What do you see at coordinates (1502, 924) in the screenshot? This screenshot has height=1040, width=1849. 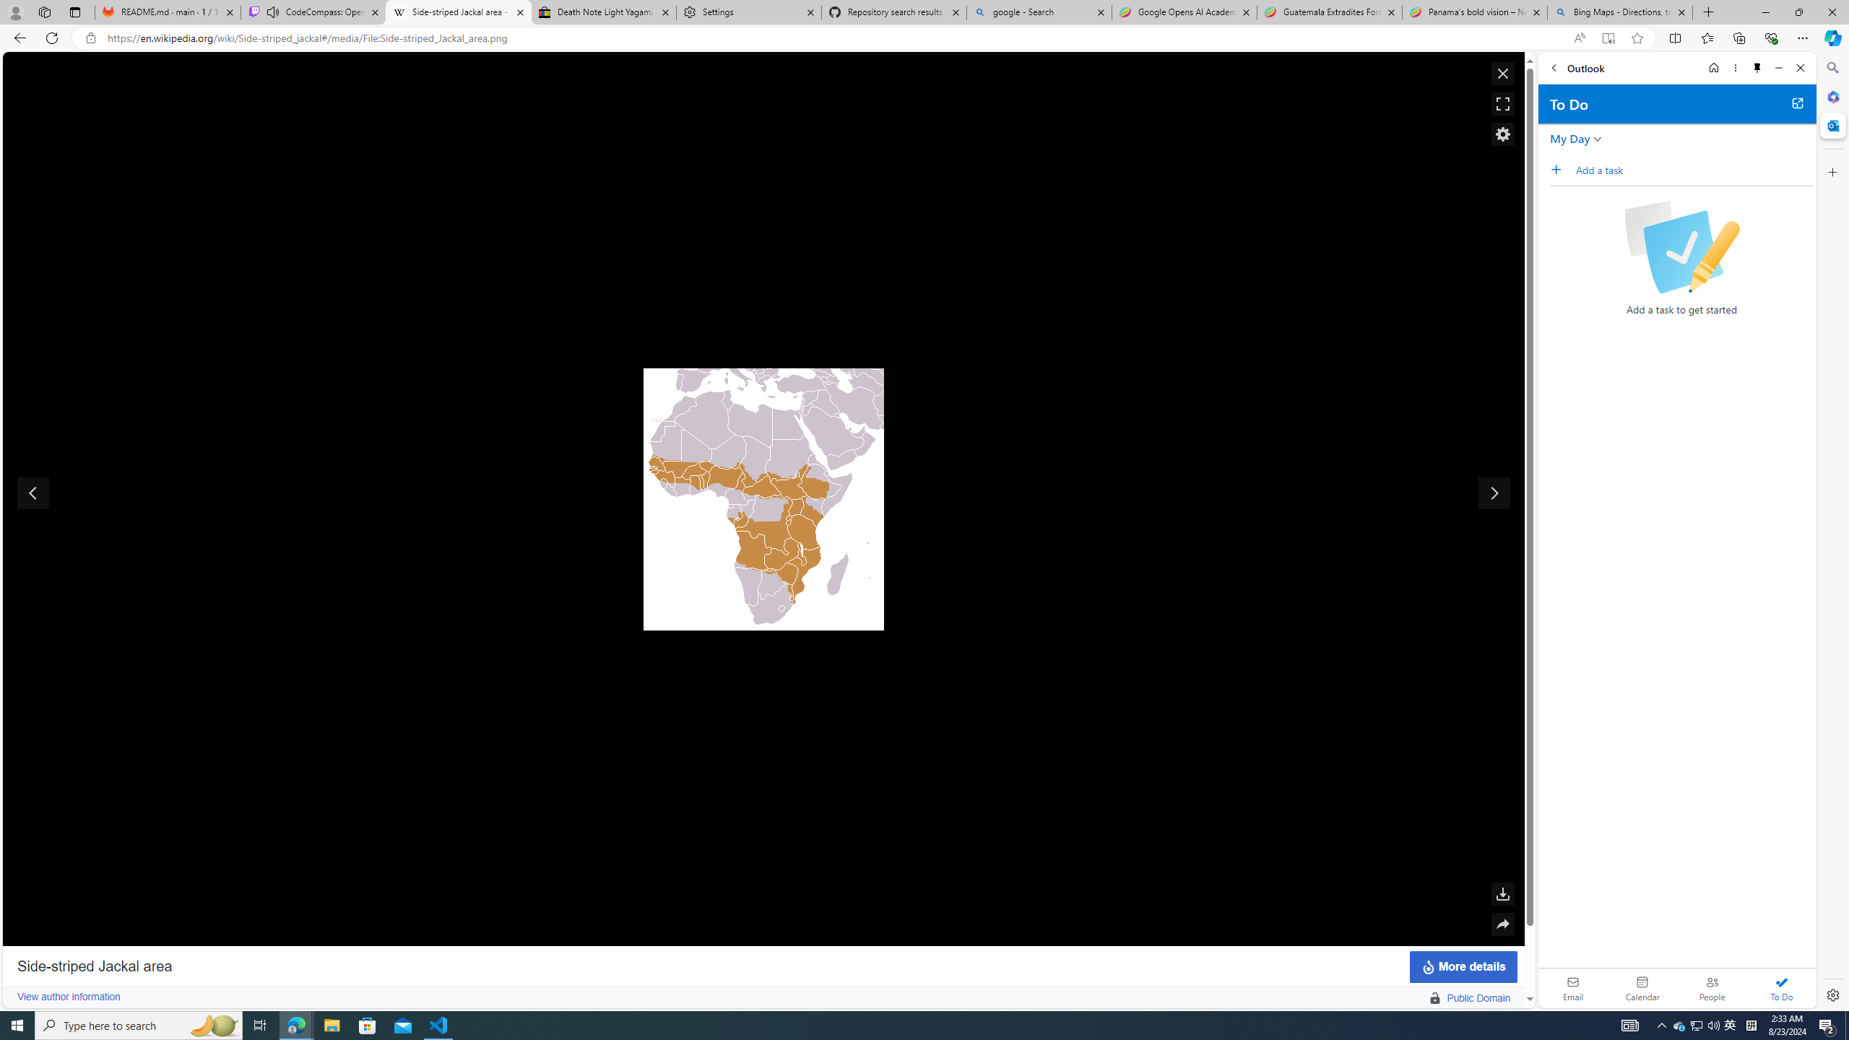 I see `'Share or embed this file'` at bounding box center [1502, 924].